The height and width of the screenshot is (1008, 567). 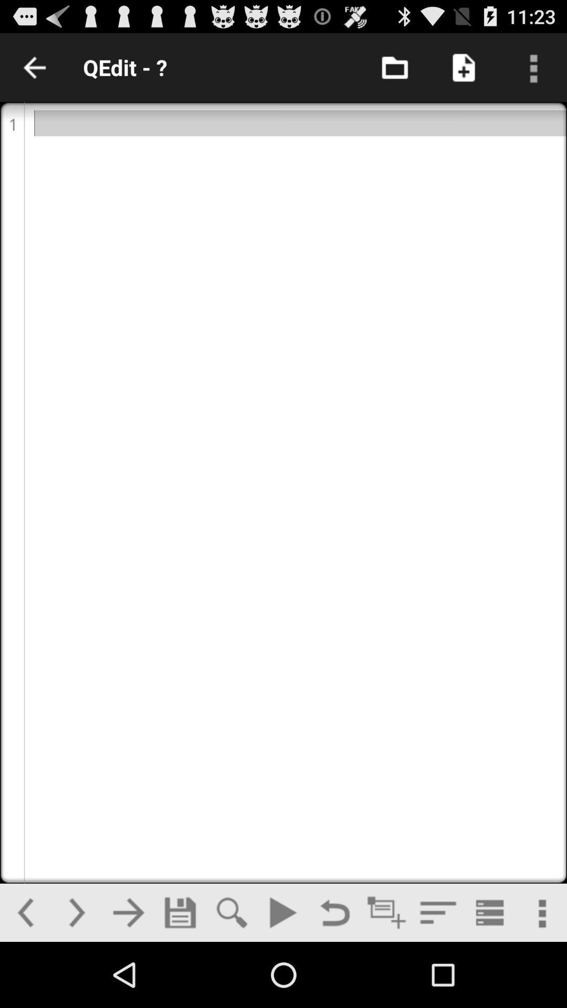 I want to click on the more icon, so click(x=541, y=976).